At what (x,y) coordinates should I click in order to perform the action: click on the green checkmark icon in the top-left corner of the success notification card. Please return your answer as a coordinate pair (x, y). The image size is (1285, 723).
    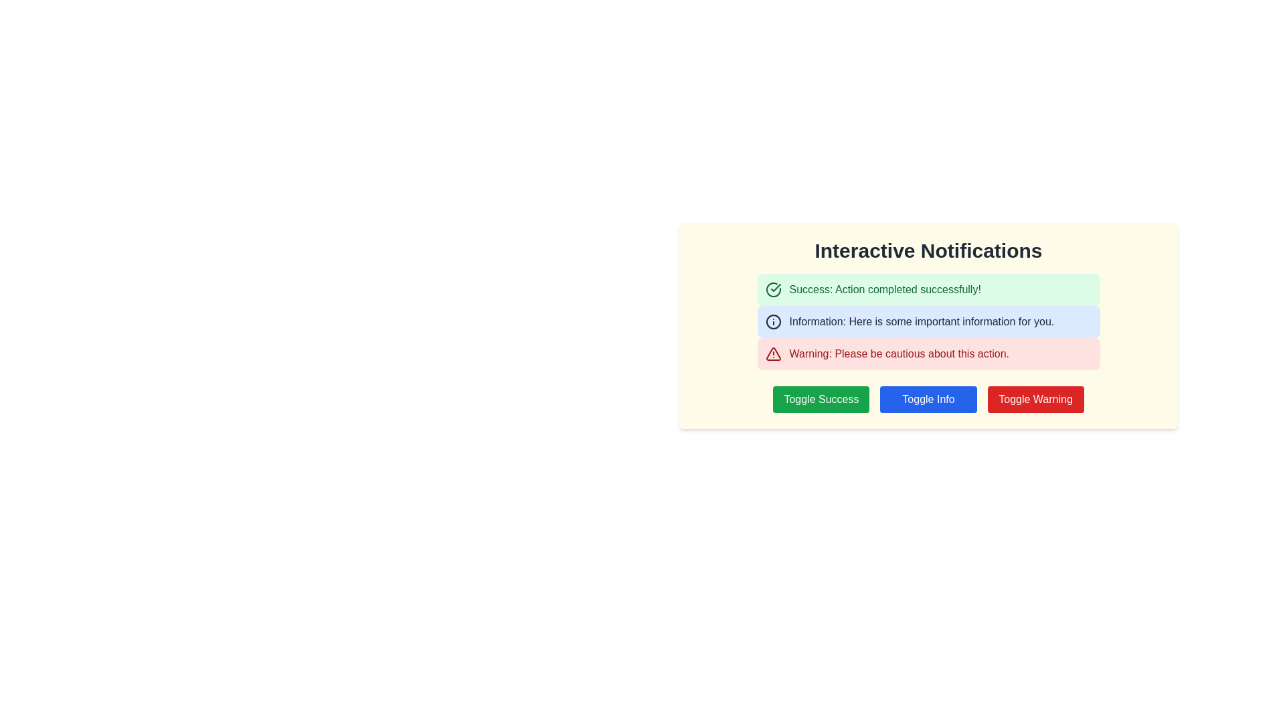
    Looking at the image, I should click on (775, 287).